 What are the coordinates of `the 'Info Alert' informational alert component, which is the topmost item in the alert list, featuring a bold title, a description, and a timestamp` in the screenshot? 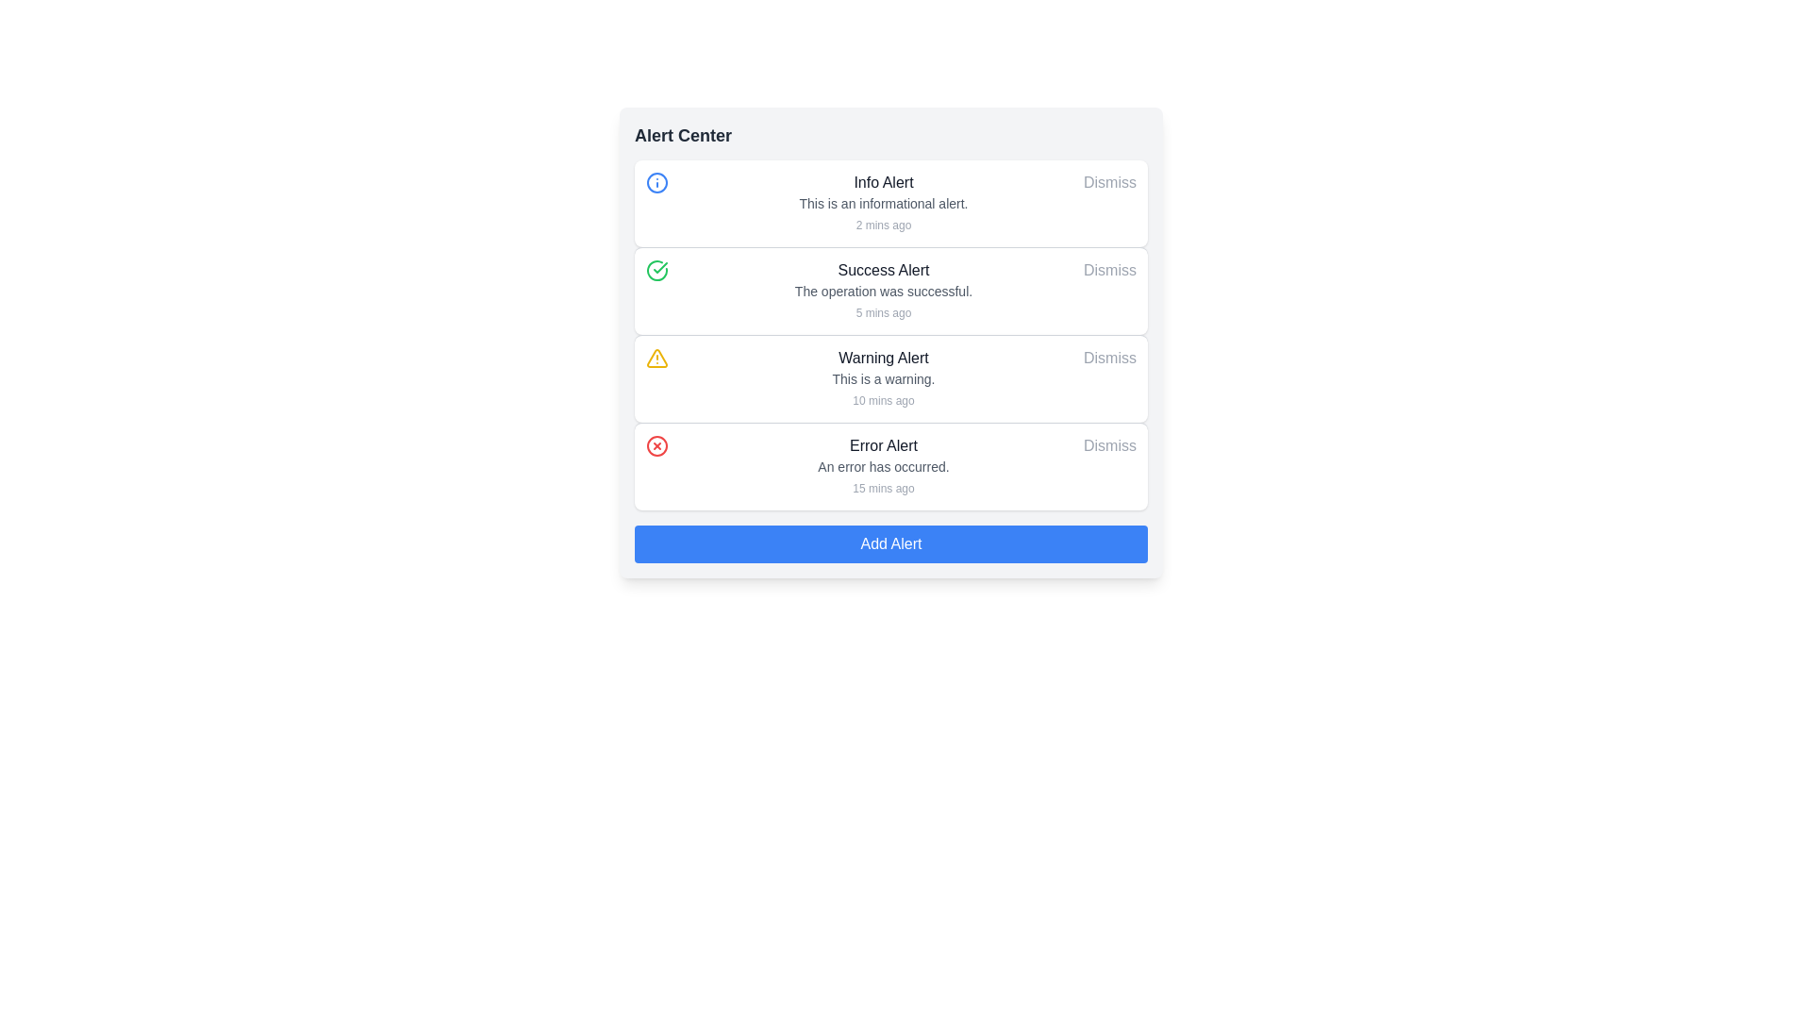 It's located at (882, 204).